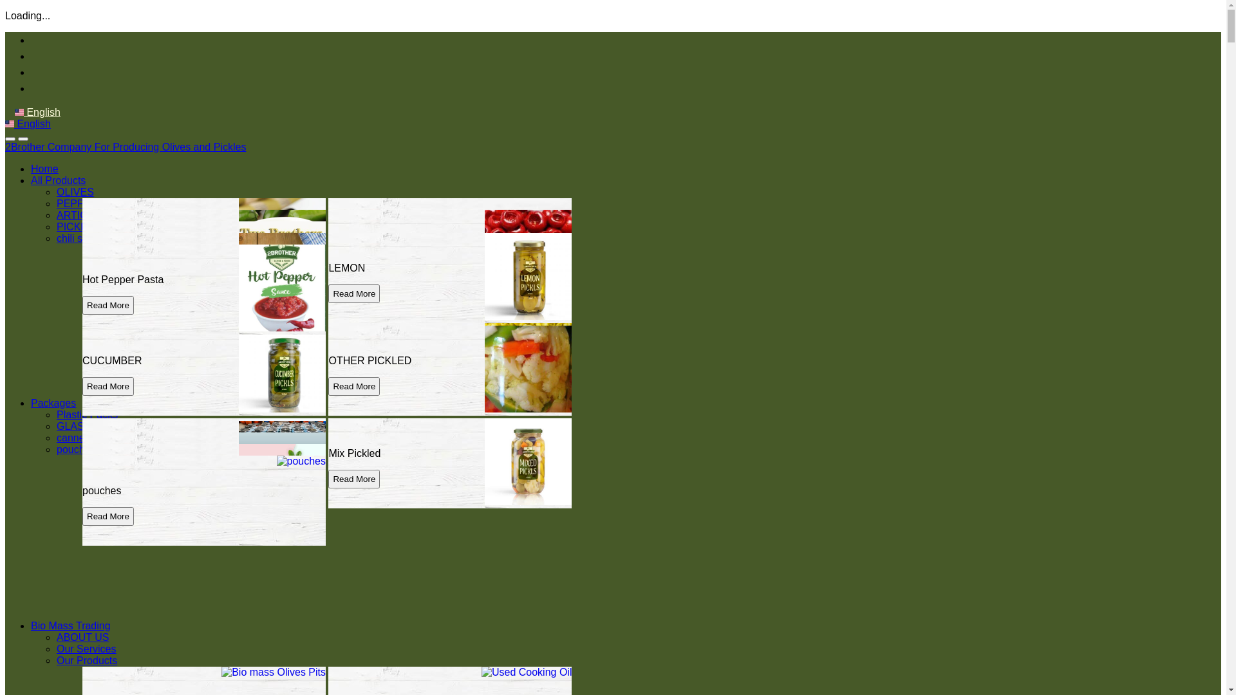 The height and width of the screenshot is (695, 1236). Describe the element at coordinates (328, 293) in the screenshot. I see `'Read More'` at that location.